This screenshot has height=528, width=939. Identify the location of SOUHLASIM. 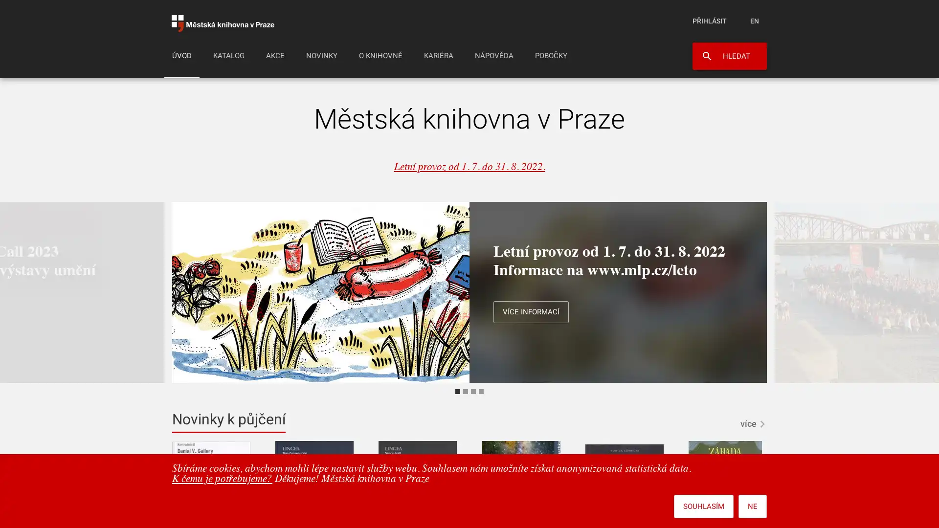
(703, 506).